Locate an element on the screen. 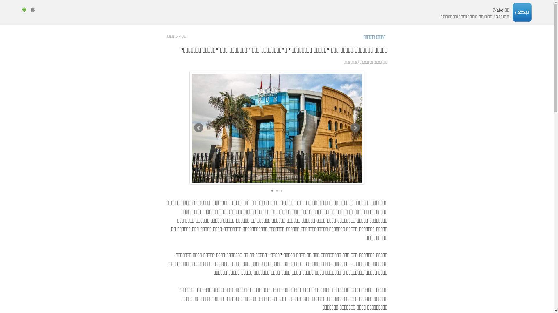 The image size is (558, 313). 'Prev' is located at coordinates (194, 127).